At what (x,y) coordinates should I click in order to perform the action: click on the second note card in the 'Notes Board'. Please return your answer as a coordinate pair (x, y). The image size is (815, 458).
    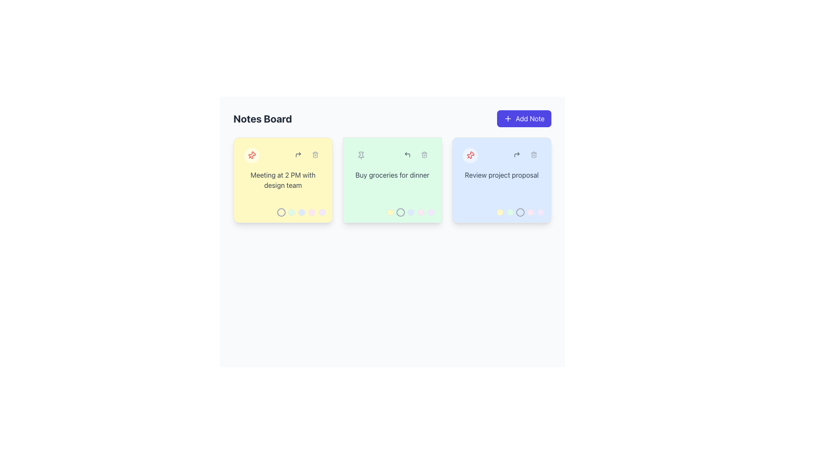
    Looking at the image, I should click on (392, 179).